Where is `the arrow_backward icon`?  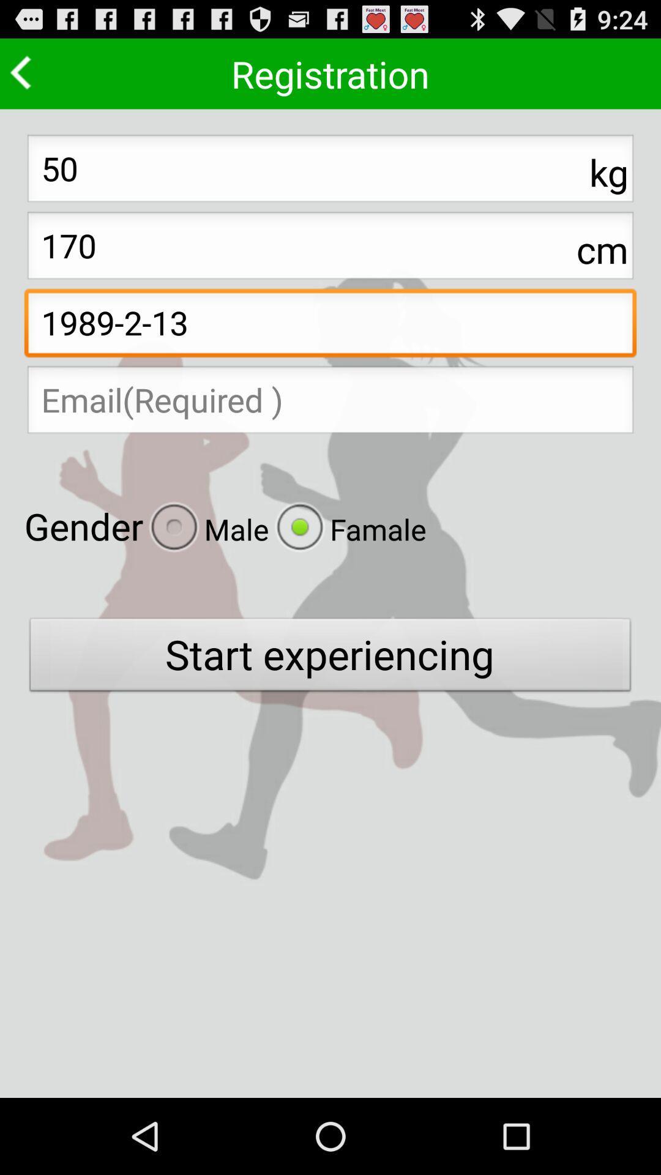
the arrow_backward icon is located at coordinates (24, 76).